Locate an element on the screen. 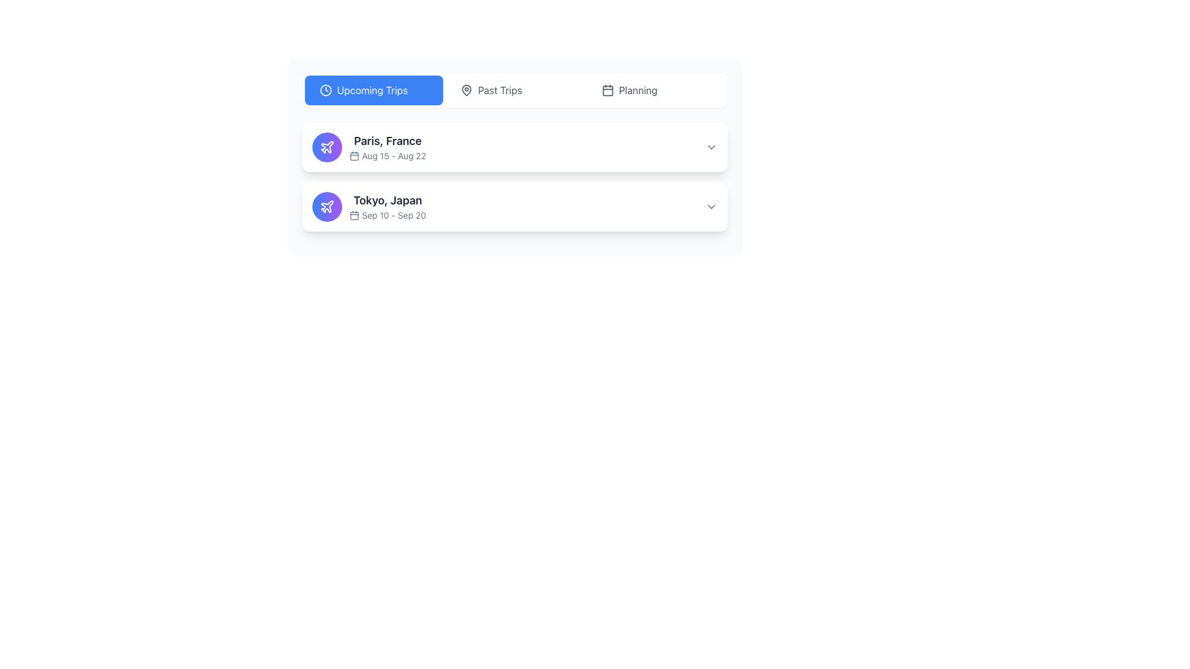  the third button labeled 'Planning' with a calendar icon, located in the top right section of the button group is located at coordinates (655, 90).